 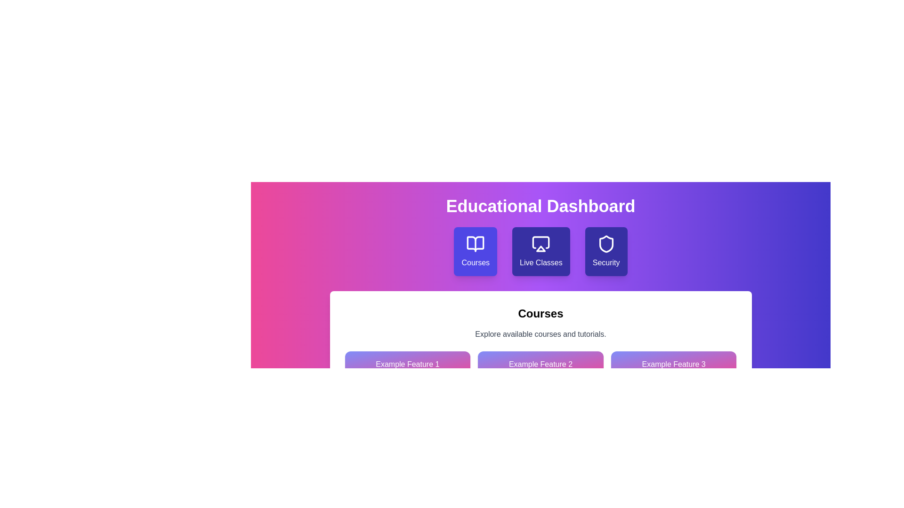 I want to click on the button labeled 'Security' to observe the visual effect, so click(x=606, y=251).